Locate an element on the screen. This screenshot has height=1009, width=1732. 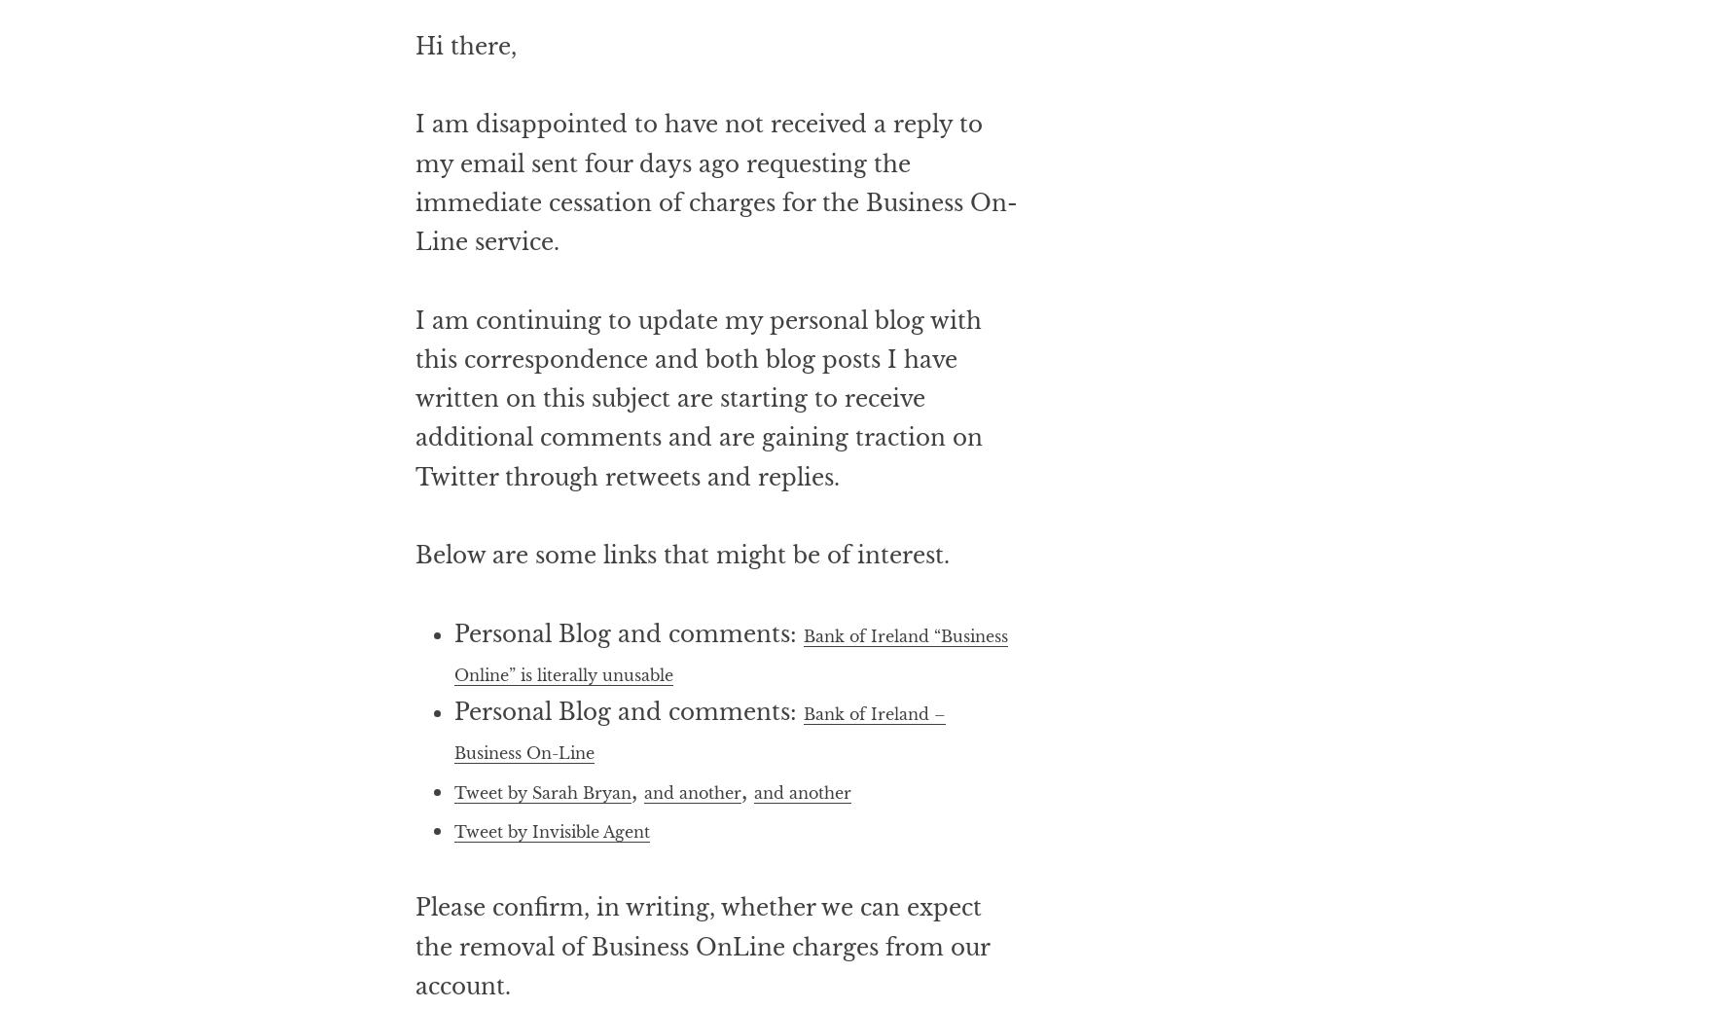
'Bank of Ireland – Business On-Line' is located at coordinates (729, 809).